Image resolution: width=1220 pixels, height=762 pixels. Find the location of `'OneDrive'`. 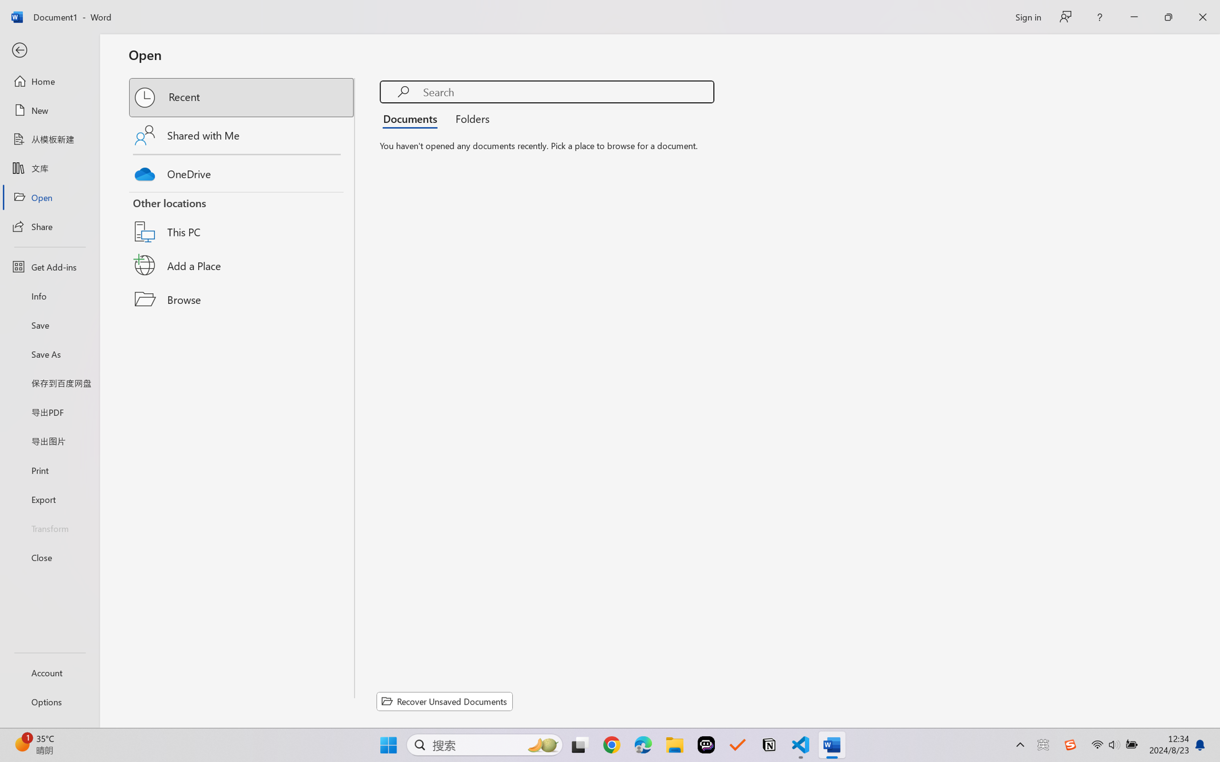

'OneDrive' is located at coordinates (242, 171).